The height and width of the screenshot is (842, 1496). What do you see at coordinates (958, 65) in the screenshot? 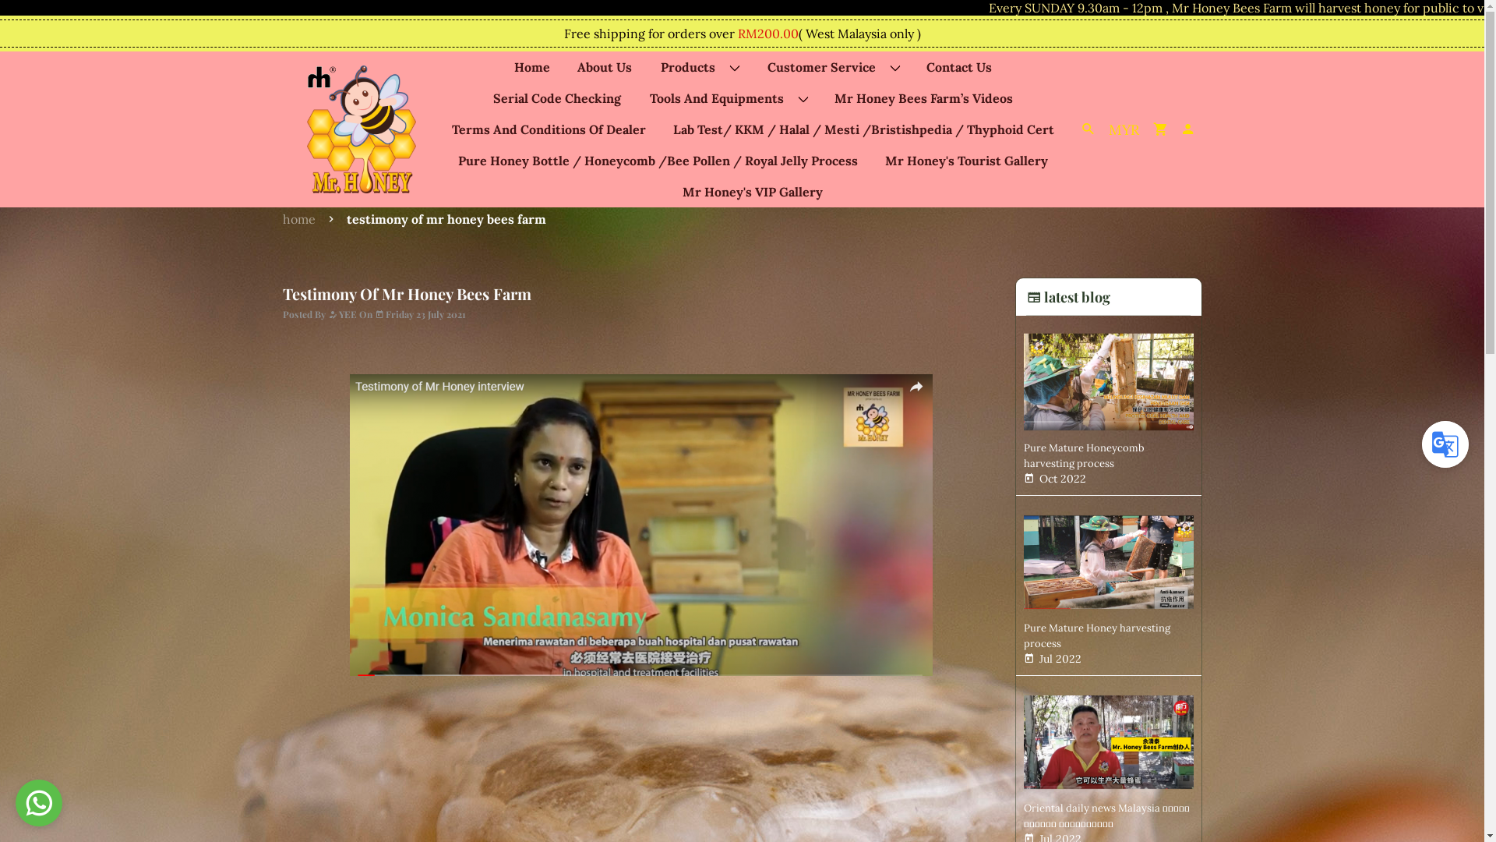
I see `'Contact Us'` at bounding box center [958, 65].